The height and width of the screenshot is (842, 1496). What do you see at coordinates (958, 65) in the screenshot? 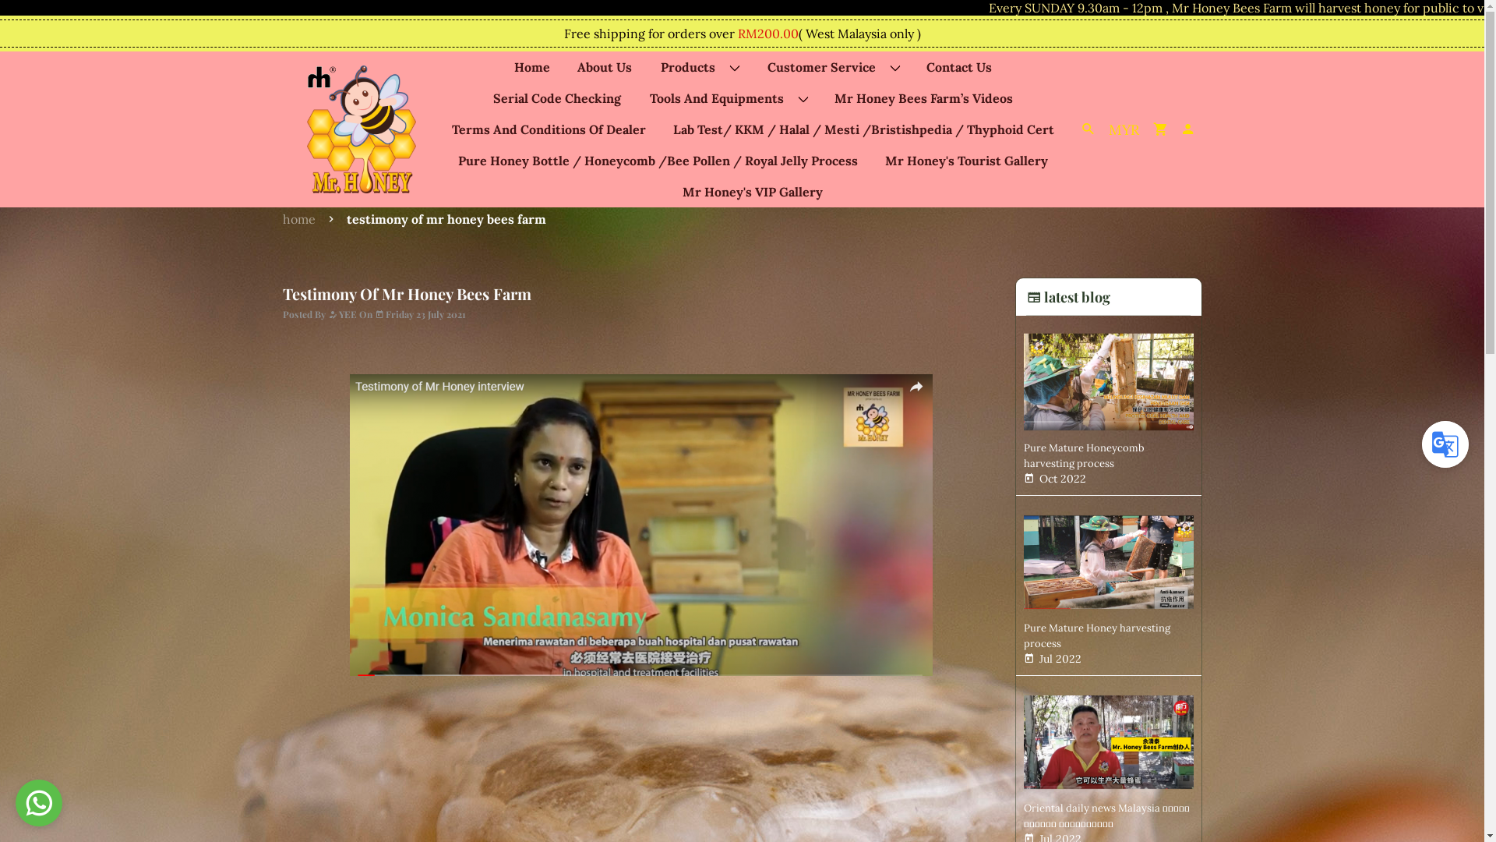
I see `'Contact Us'` at bounding box center [958, 65].